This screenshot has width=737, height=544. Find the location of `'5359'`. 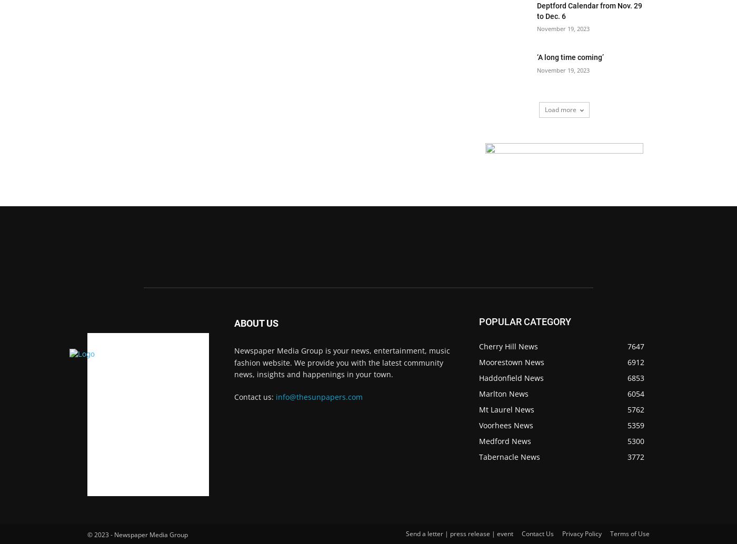

'5359' is located at coordinates (627, 425).